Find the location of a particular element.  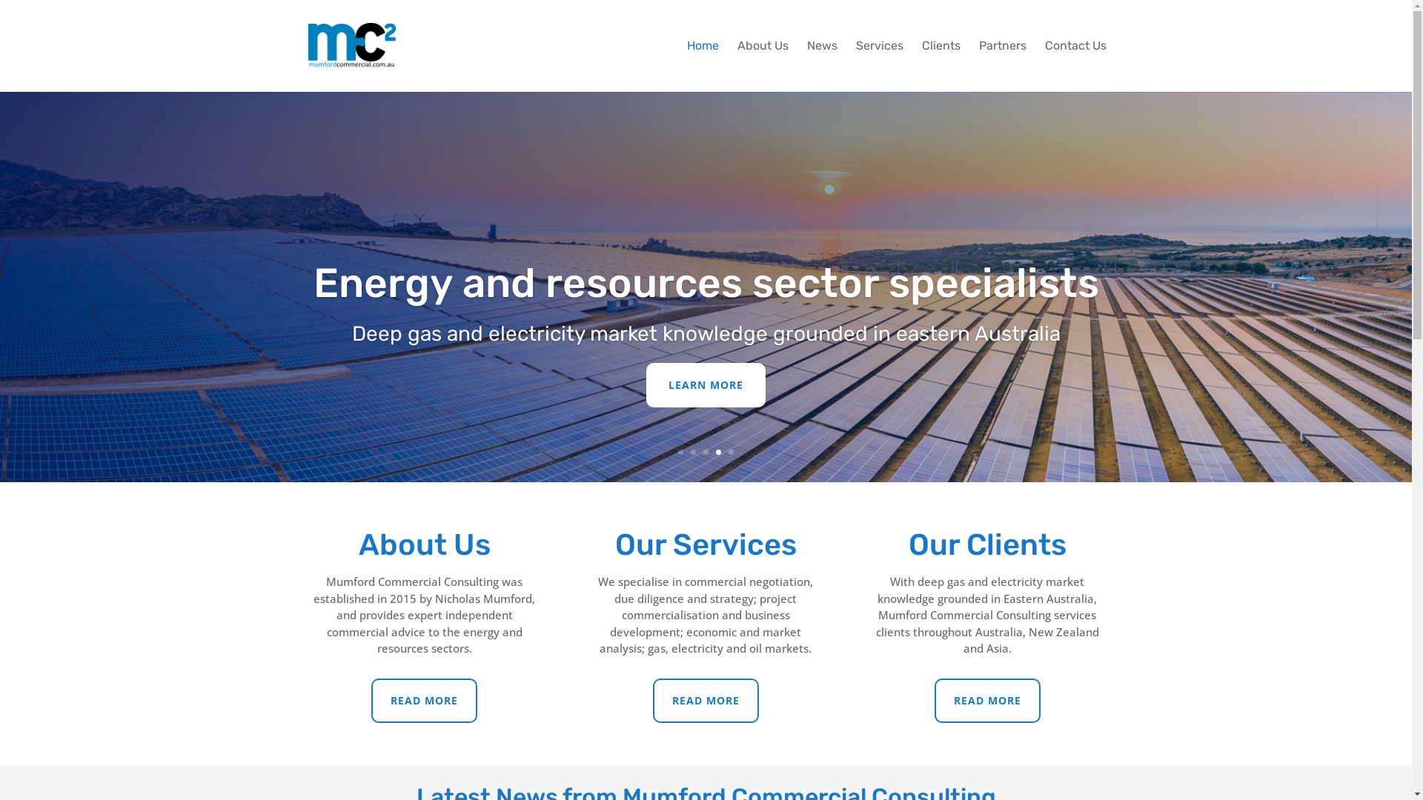

'Home' is located at coordinates (701, 65).